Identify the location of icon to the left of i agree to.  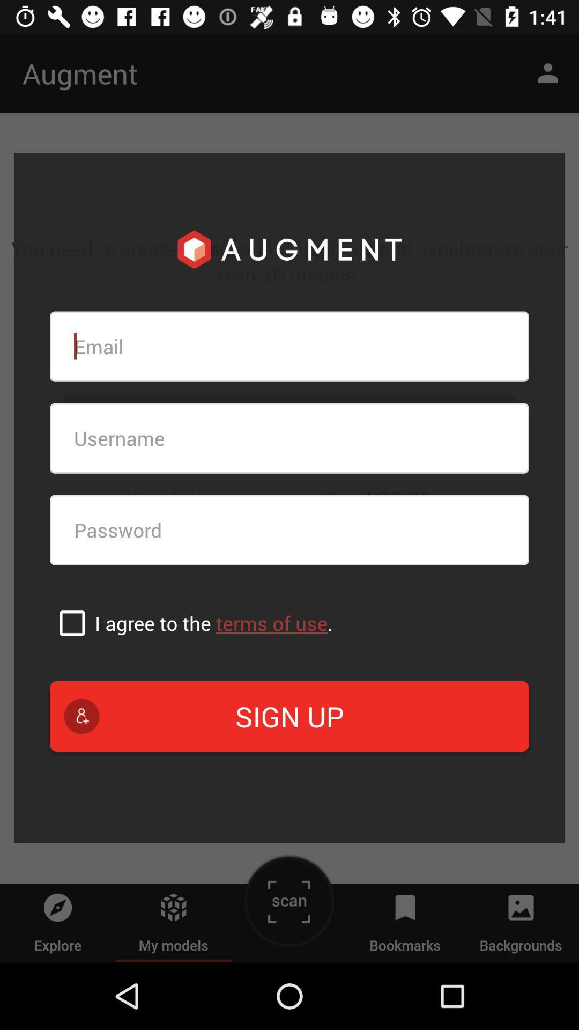
(72, 623).